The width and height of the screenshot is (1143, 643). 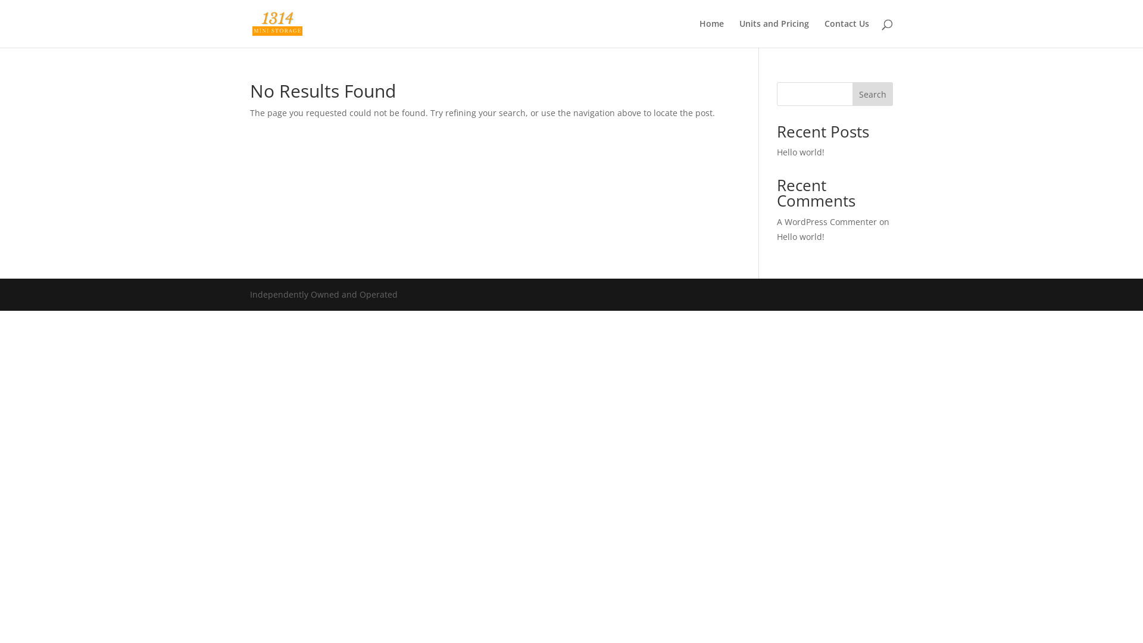 What do you see at coordinates (824, 33) in the screenshot?
I see `'Contact Us'` at bounding box center [824, 33].